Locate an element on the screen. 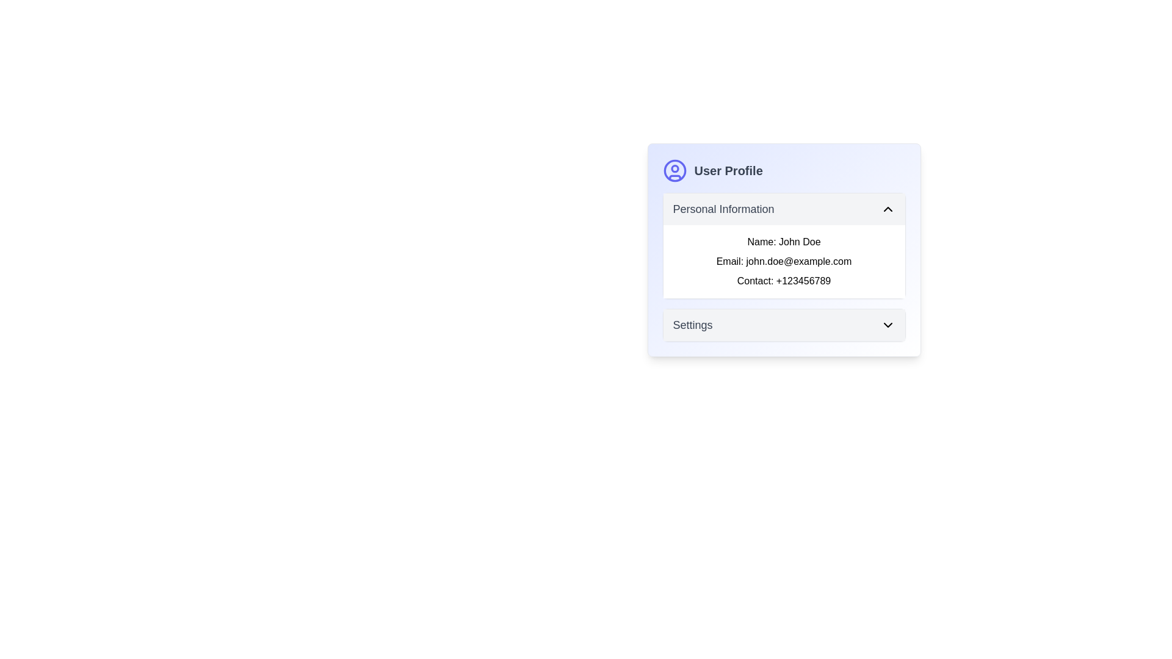 Image resolution: width=1172 pixels, height=659 pixels. the small circle representing the head in the user profile icon located at the top-left corner of the 'User Profile' section, above the text 'User Profile' is located at coordinates (674, 168).